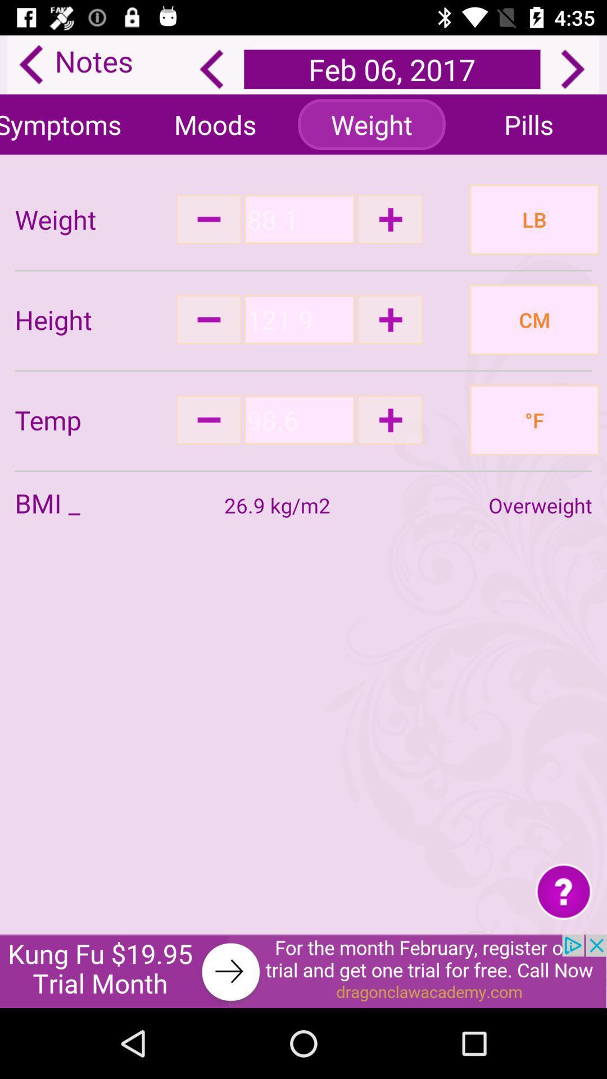 This screenshot has height=1079, width=607. What do you see at coordinates (209, 219) in the screenshot?
I see `subtract or decrease the number button` at bounding box center [209, 219].